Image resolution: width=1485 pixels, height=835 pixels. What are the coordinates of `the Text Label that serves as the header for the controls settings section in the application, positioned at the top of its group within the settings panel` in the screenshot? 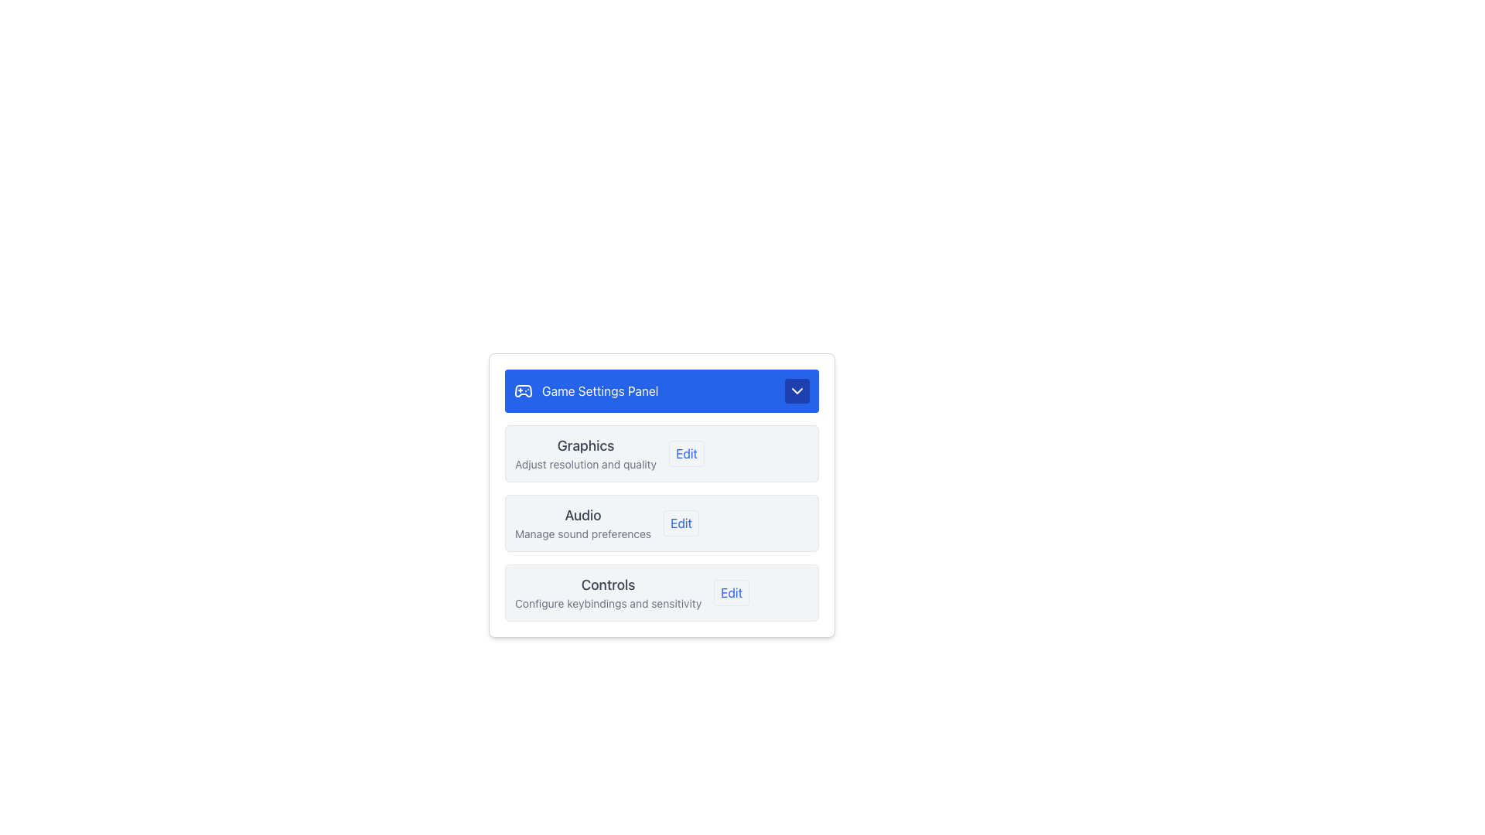 It's located at (607, 584).